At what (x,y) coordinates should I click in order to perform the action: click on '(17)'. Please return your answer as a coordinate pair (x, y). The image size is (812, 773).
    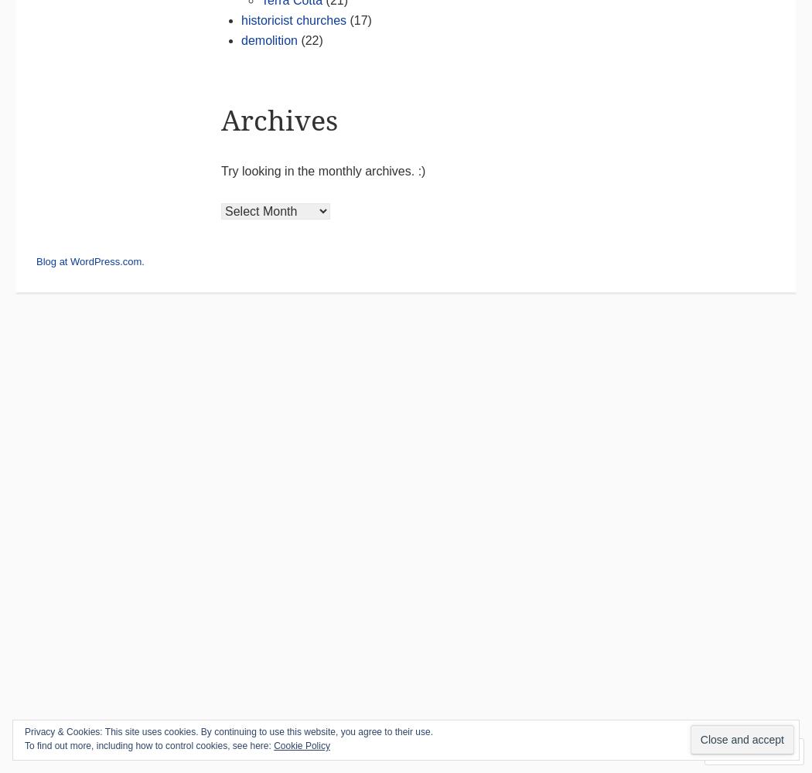
    Looking at the image, I should click on (358, 19).